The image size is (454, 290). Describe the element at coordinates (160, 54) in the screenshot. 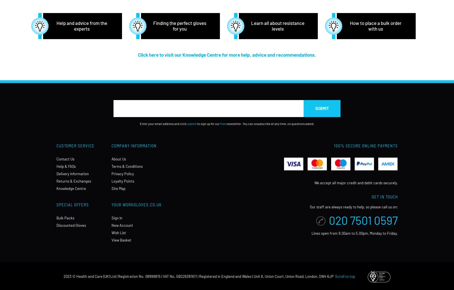

I see `'Click here to visit our'` at that location.